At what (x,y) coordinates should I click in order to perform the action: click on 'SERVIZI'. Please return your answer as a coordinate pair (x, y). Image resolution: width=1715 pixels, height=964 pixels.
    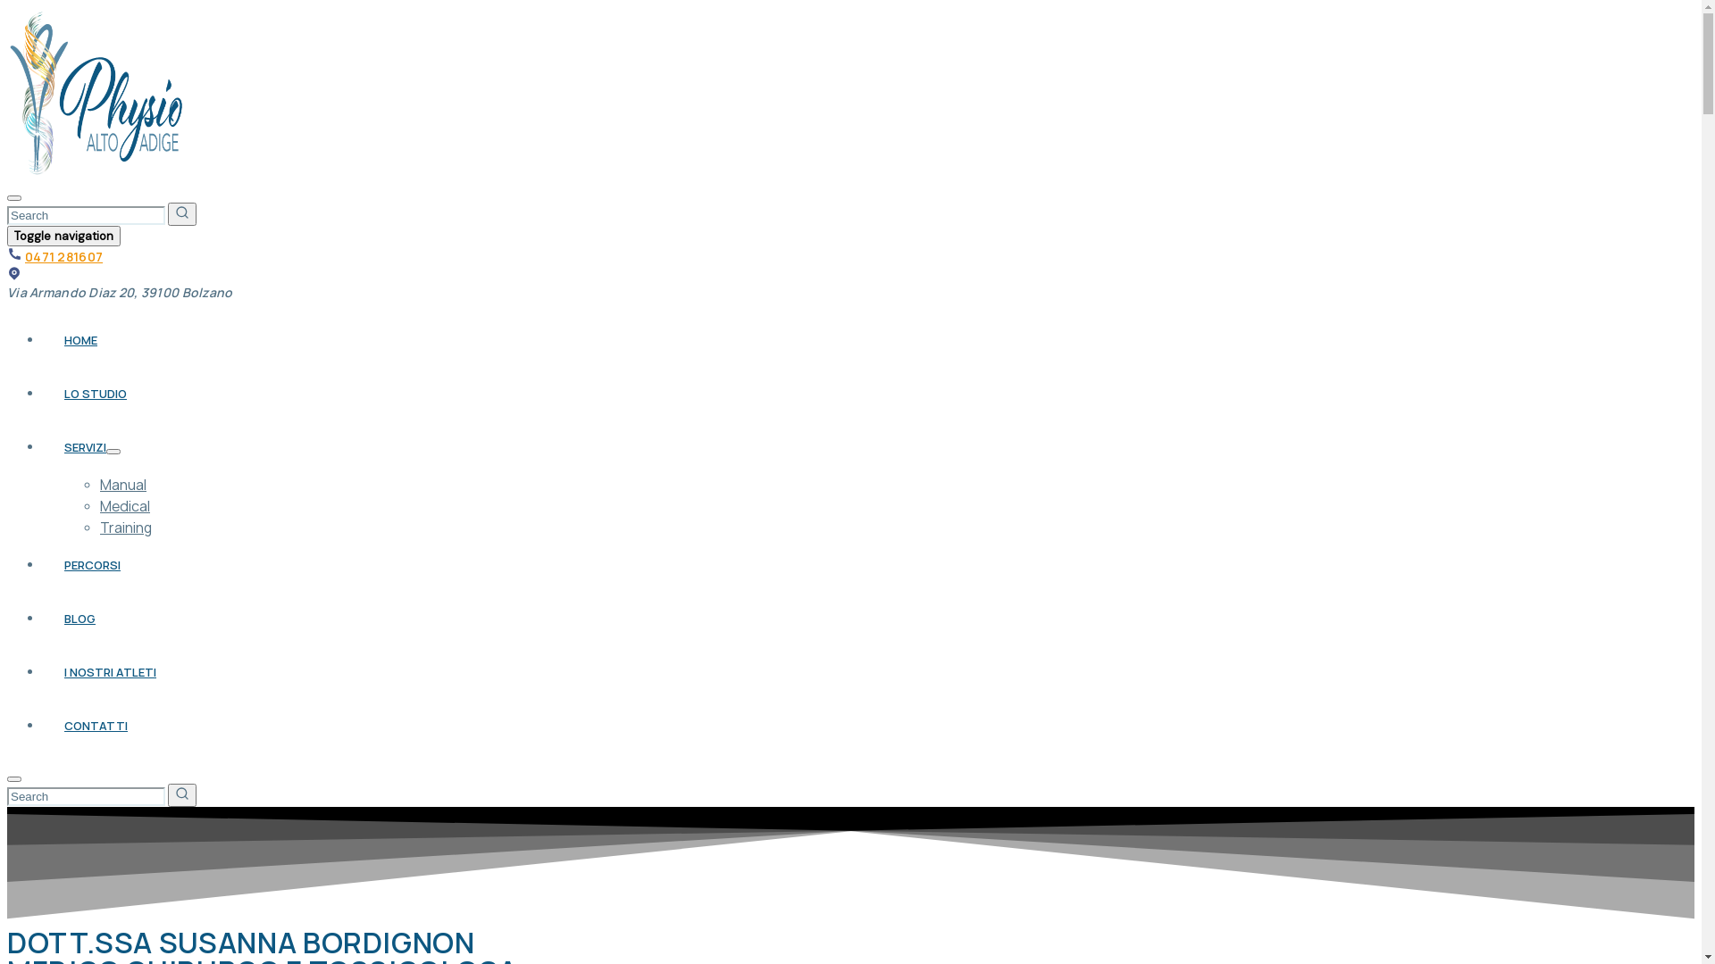
    Looking at the image, I should click on (84, 446).